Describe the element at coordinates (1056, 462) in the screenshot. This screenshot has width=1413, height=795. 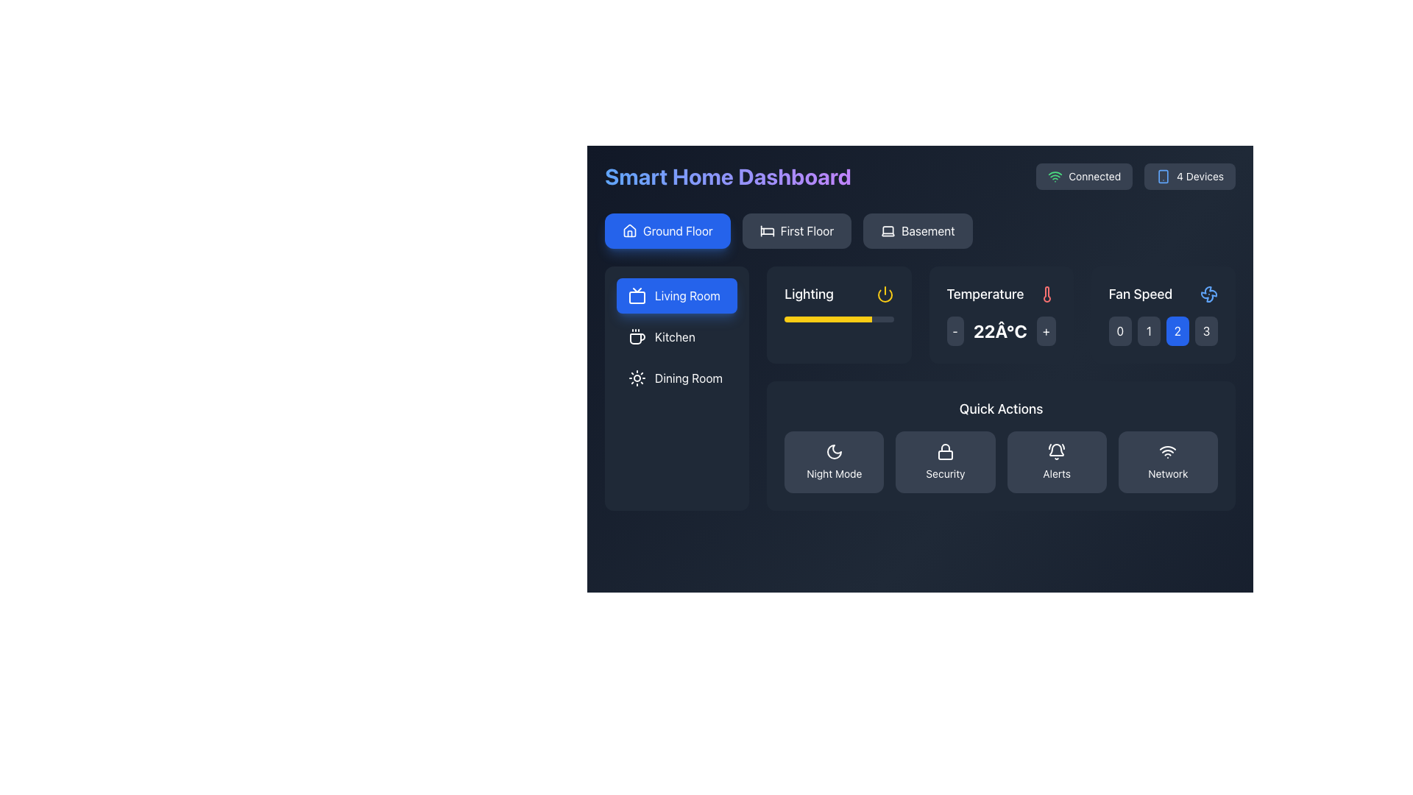
I see `the 'Alerts' button` at that location.